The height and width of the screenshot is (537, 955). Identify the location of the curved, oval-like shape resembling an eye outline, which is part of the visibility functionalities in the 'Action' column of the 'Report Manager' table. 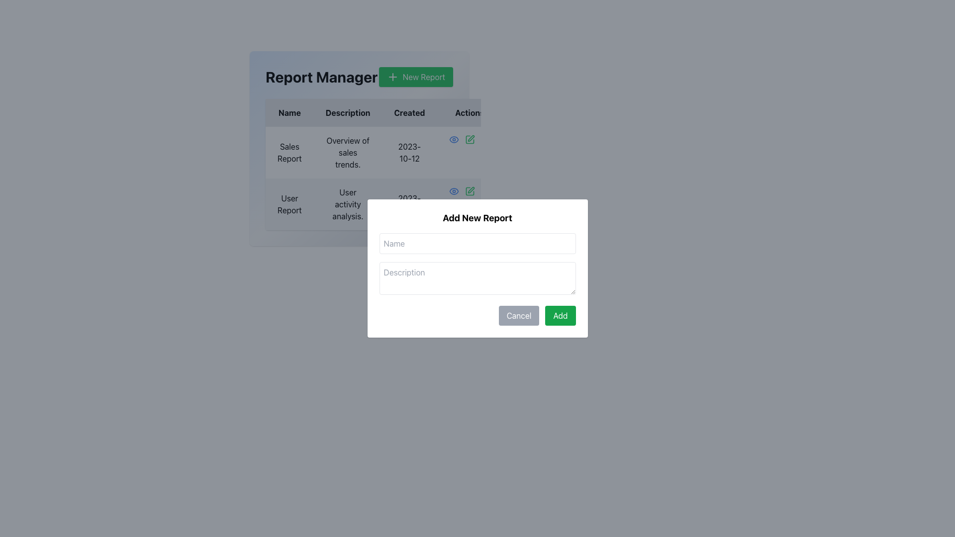
(453, 191).